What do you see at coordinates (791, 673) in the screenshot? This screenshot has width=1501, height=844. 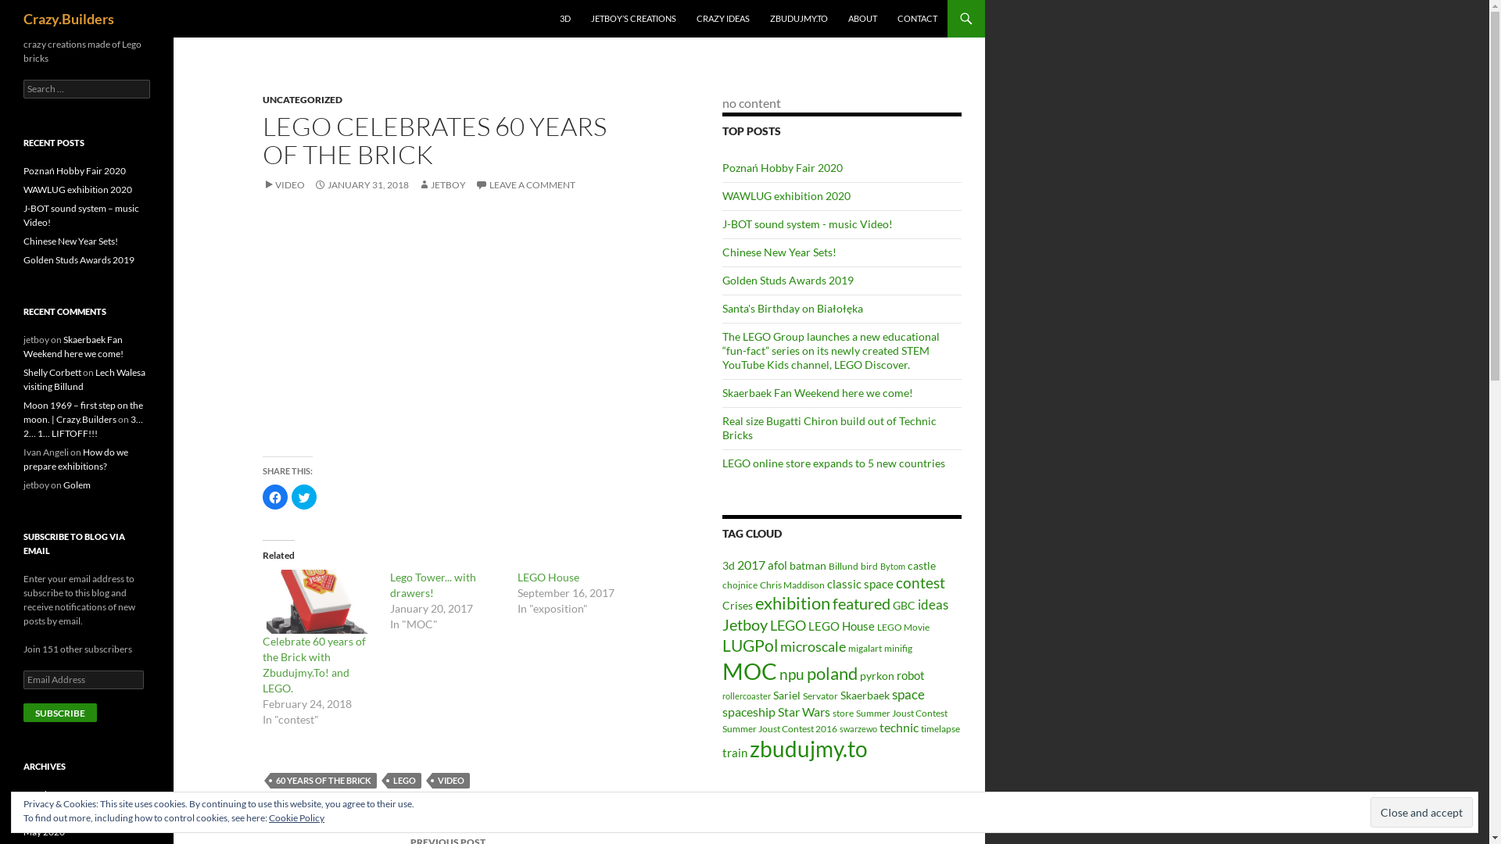 I see `'npu'` at bounding box center [791, 673].